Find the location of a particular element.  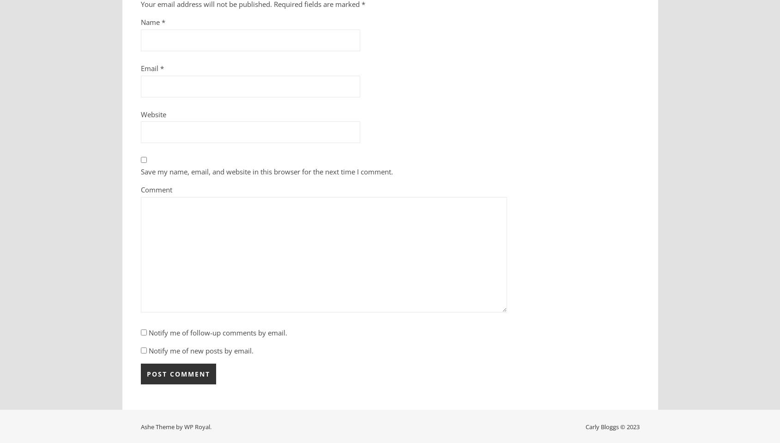

'Notify me of follow-up comments by email.' is located at coordinates (218, 332).